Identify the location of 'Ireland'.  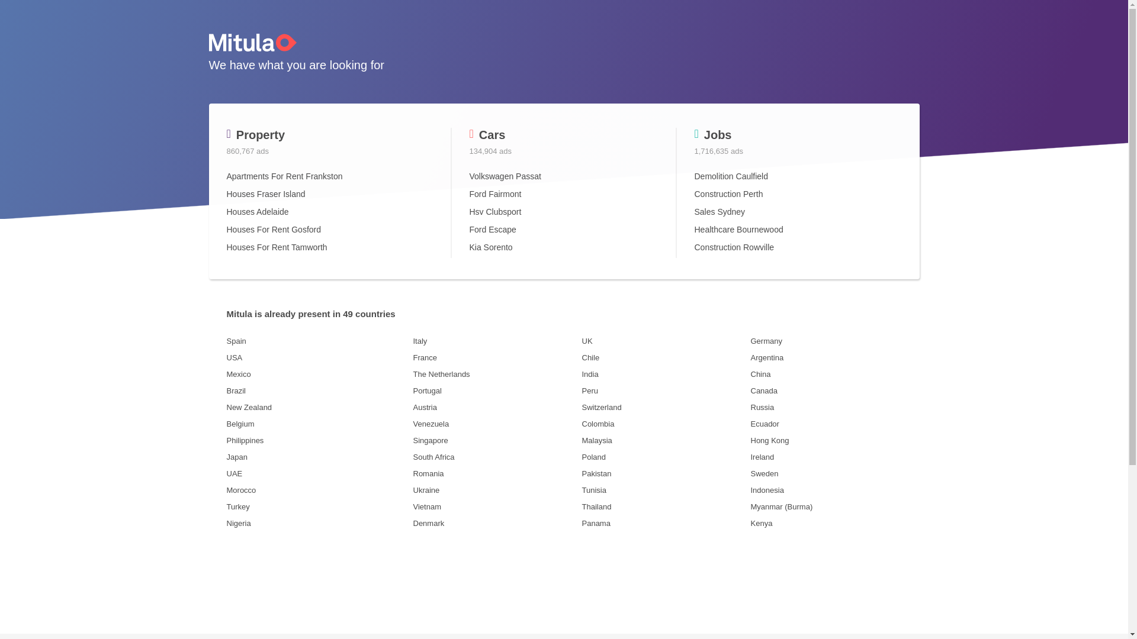
(826, 456).